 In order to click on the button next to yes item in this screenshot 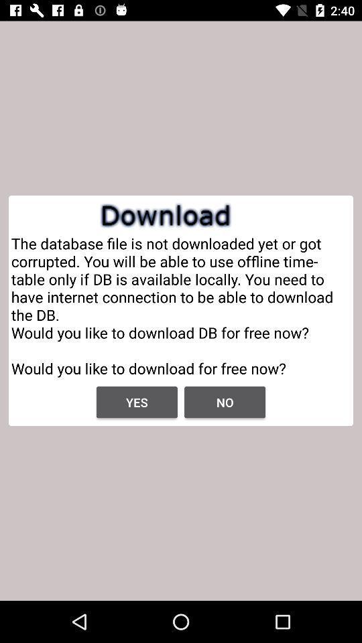, I will do `click(225, 402)`.